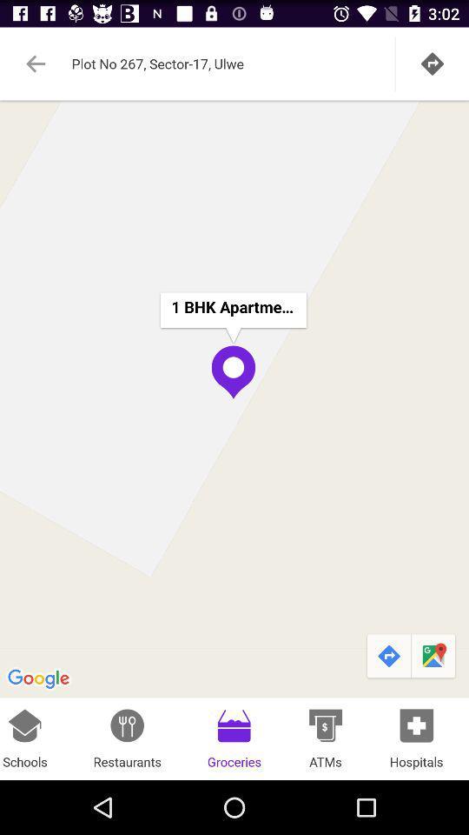 The height and width of the screenshot is (835, 469). I want to click on the icon above hospitals item, so click(433, 656).